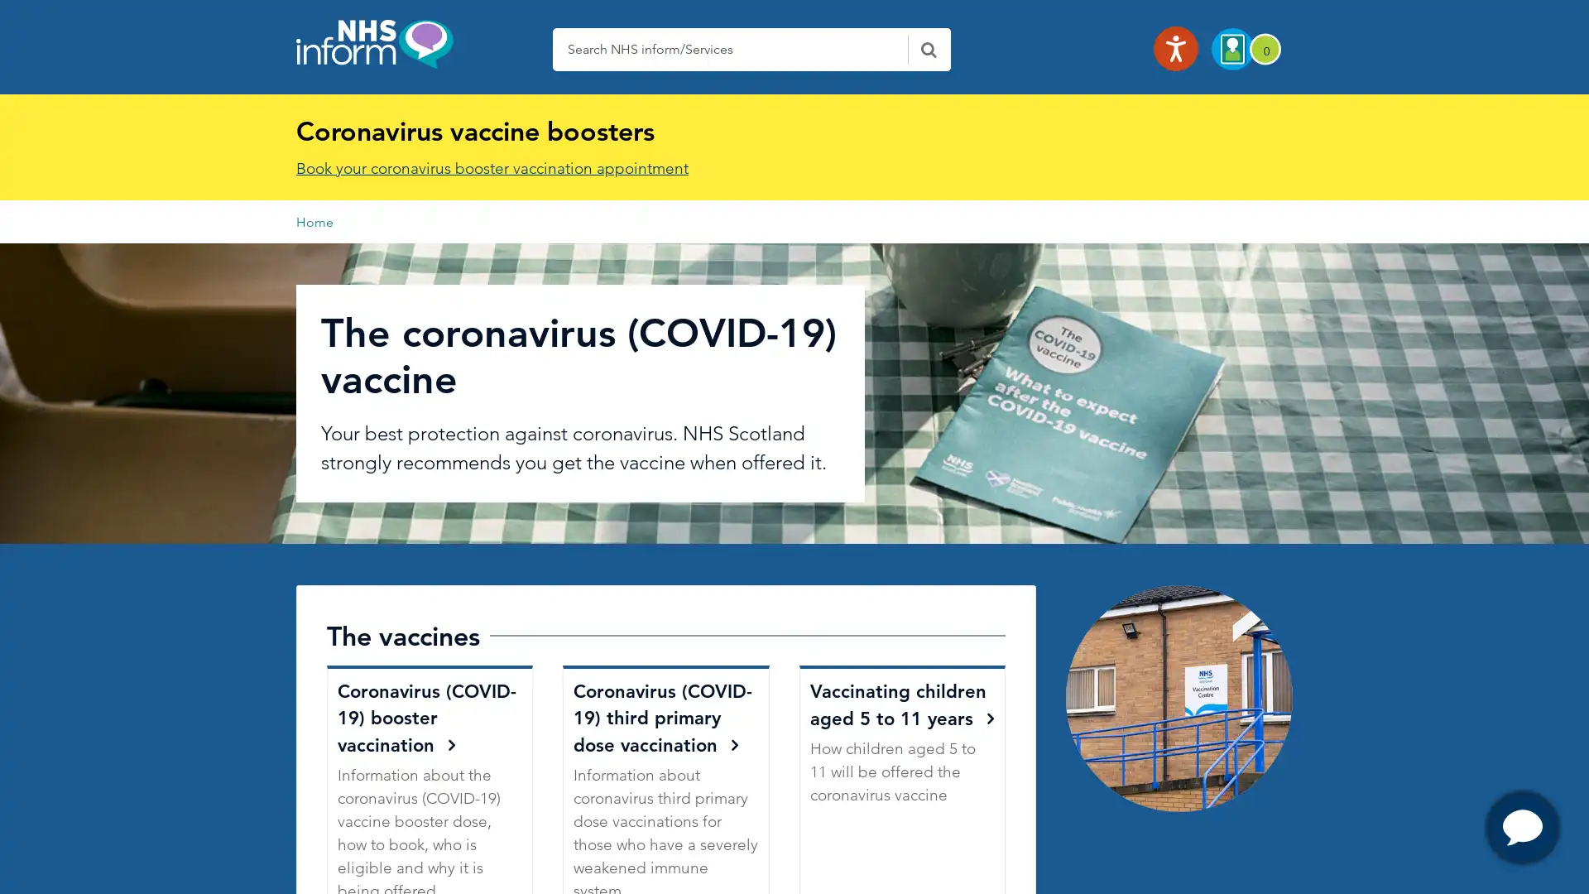 This screenshot has height=894, width=1589. Describe the element at coordinates (1174, 47) in the screenshot. I see `Listen with the ReachDeck Toolbar` at that location.